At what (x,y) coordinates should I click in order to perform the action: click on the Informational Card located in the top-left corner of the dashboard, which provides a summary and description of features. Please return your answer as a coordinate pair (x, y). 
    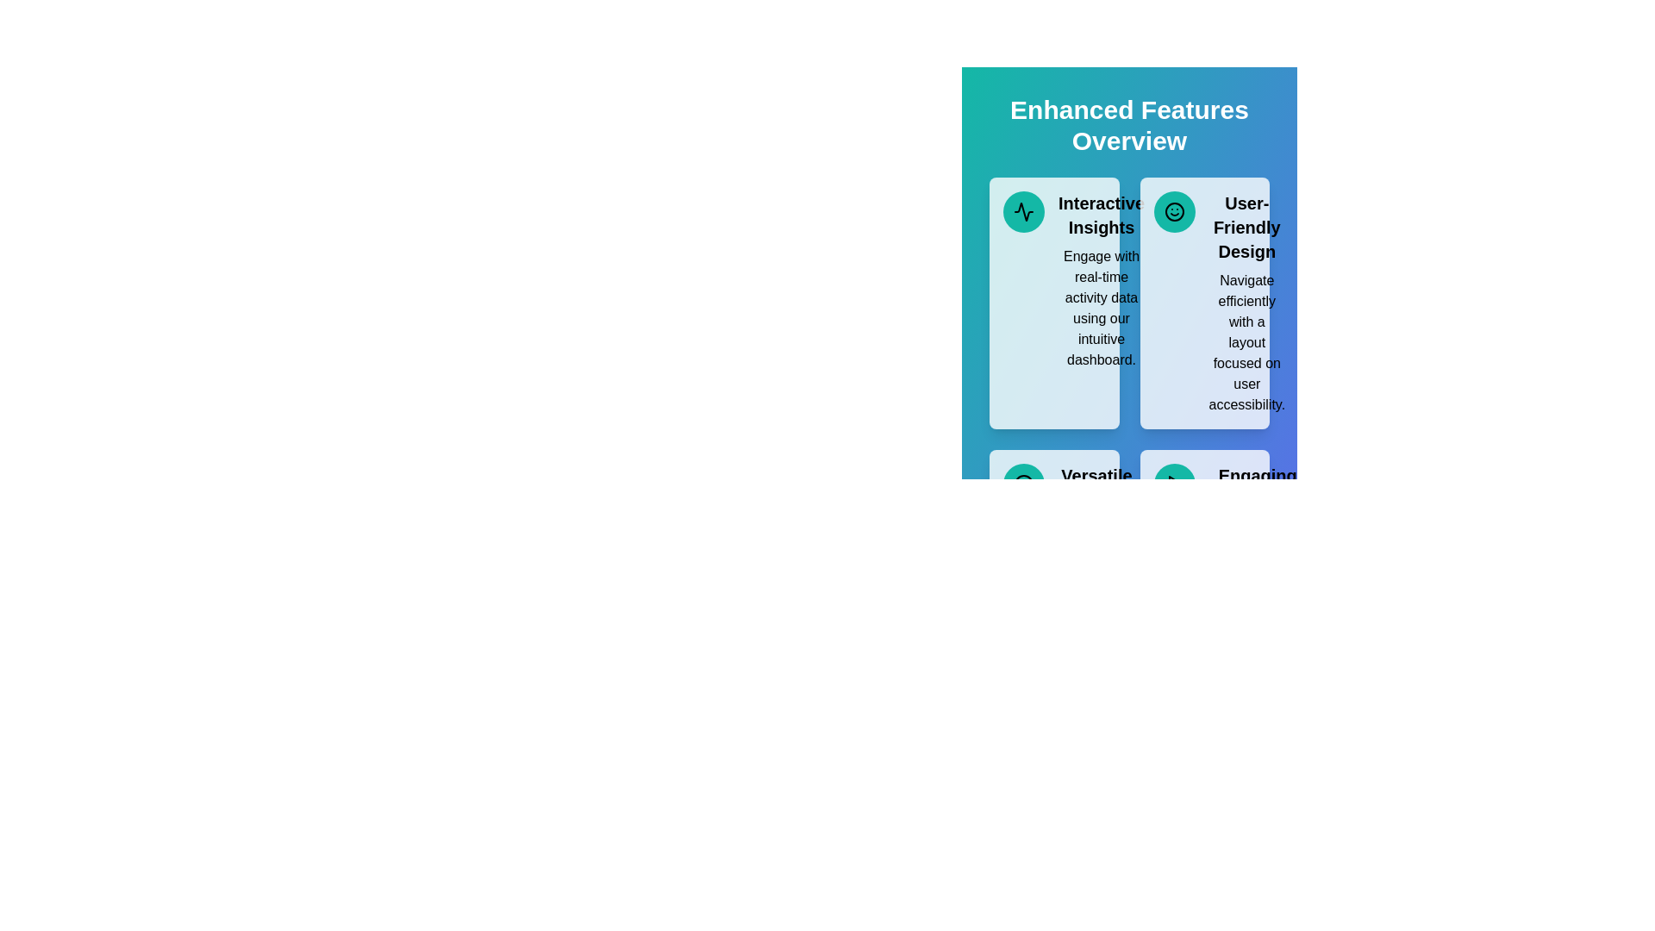
    Looking at the image, I should click on (1053, 302).